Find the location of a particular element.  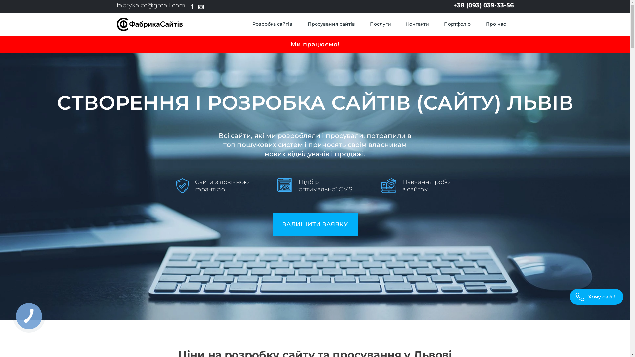

'fabryka.cc@gmail.com' is located at coordinates (116, 5).